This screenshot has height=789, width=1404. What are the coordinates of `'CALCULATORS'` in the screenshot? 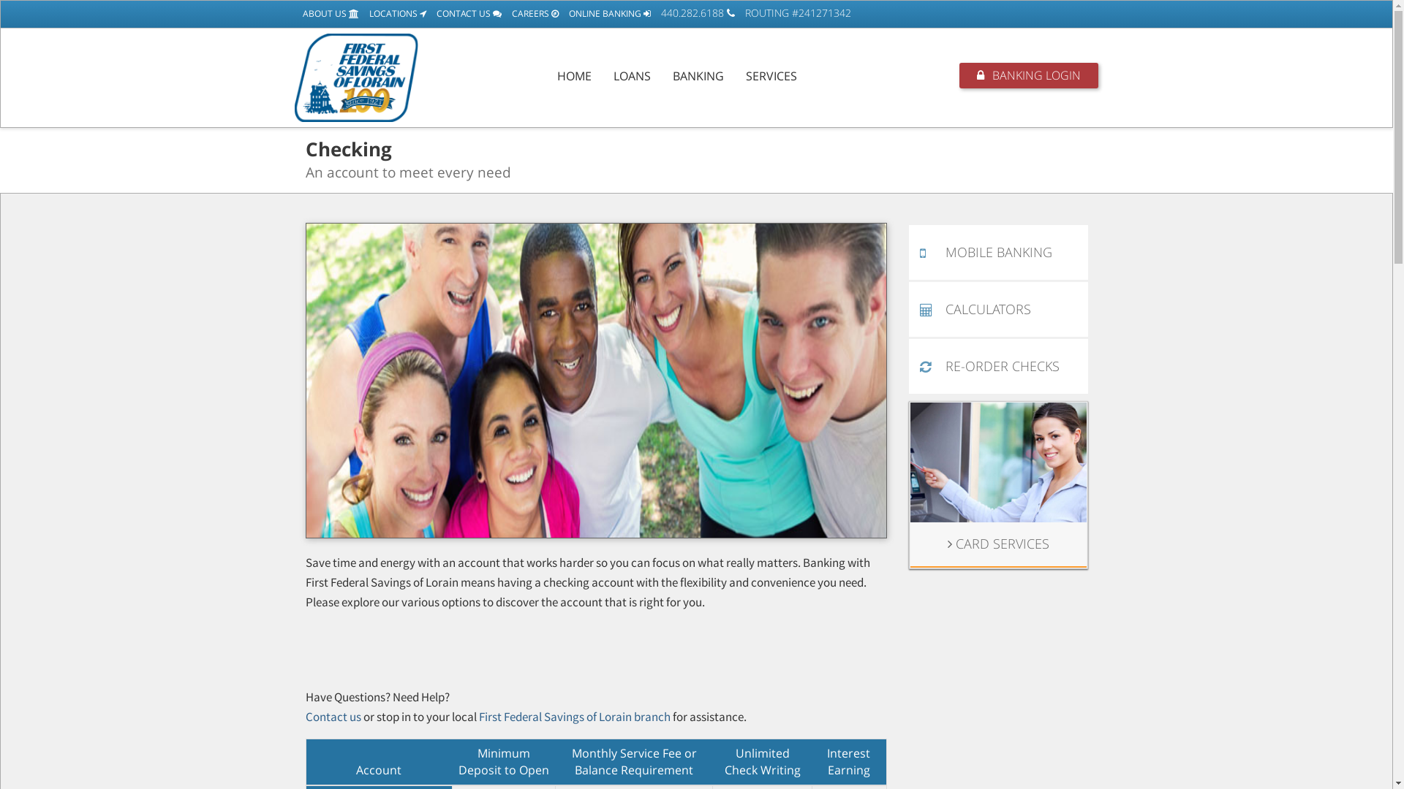 It's located at (997, 308).